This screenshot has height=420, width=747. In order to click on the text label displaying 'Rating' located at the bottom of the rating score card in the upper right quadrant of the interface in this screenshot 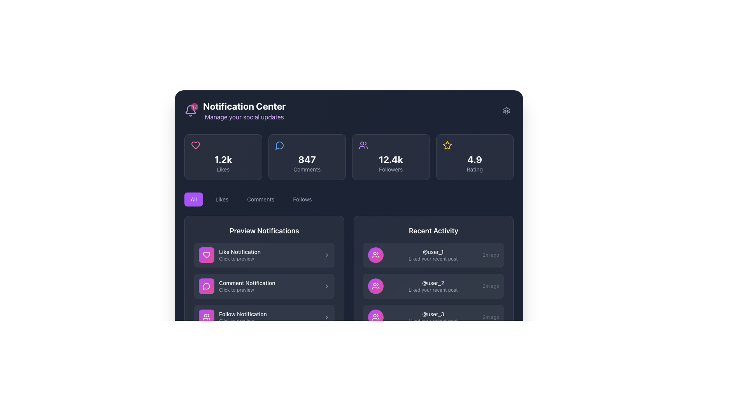, I will do `click(474, 169)`.